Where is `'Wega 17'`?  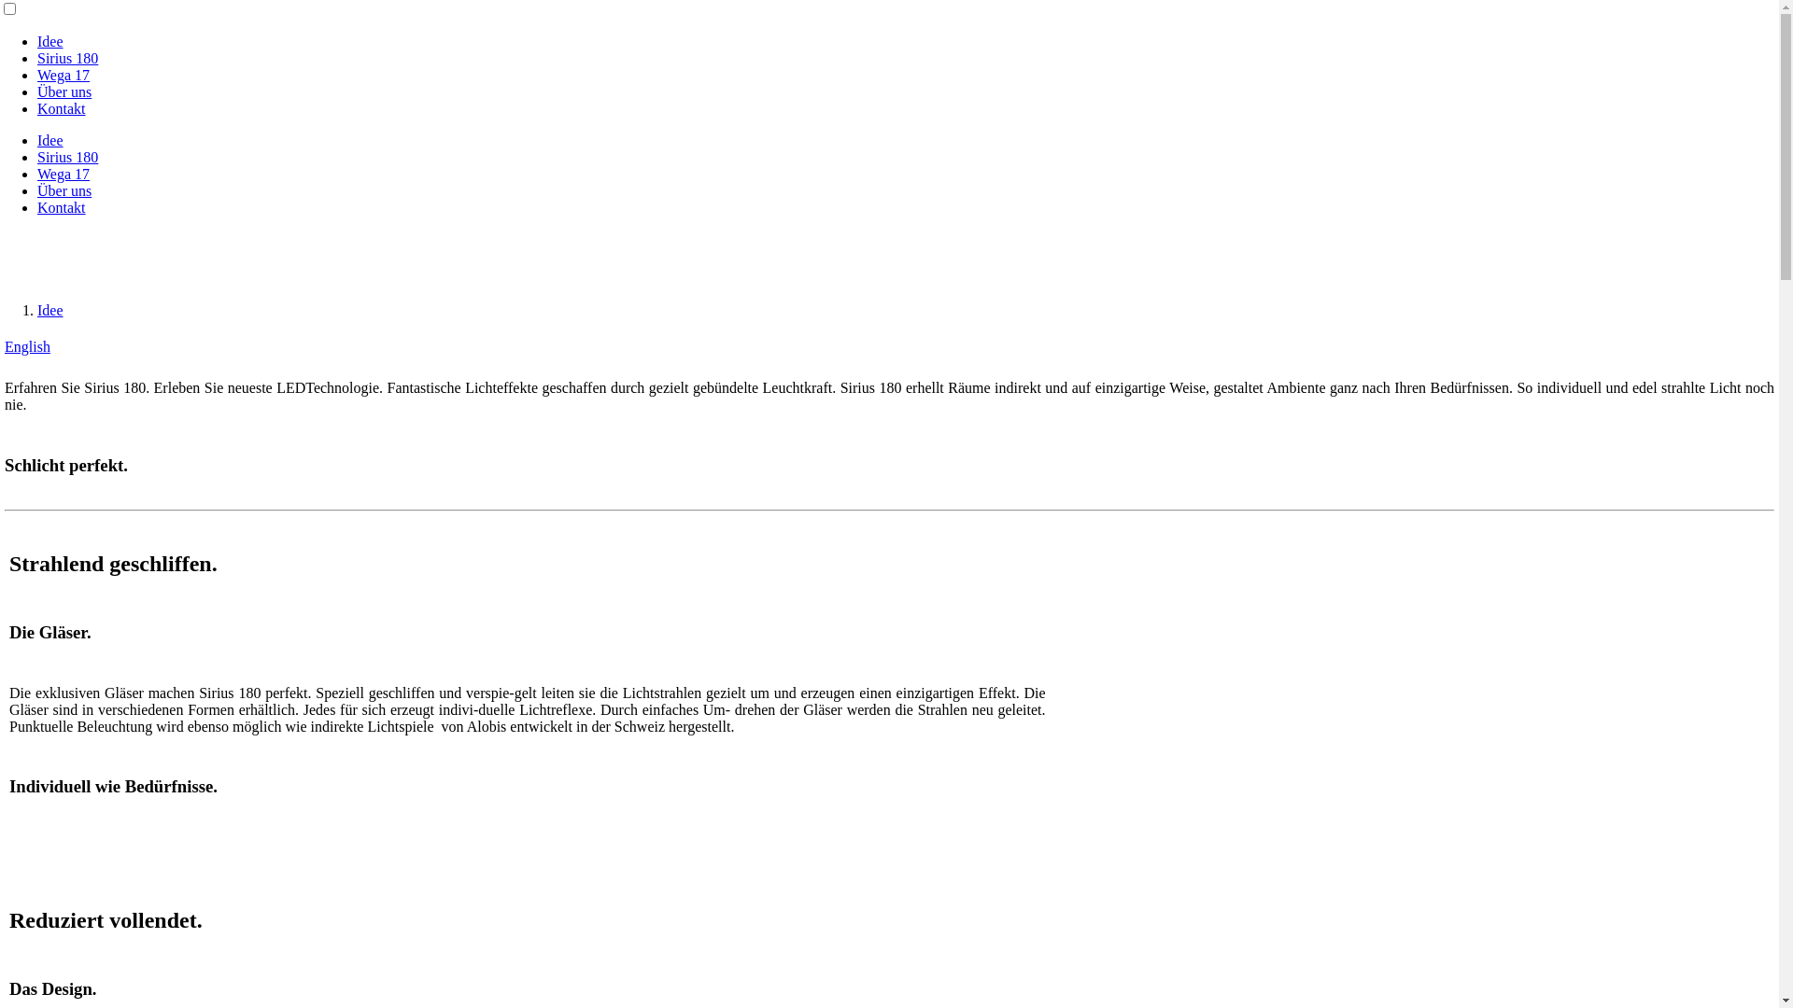 'Wega 17' is located at coordinates (63, 174).